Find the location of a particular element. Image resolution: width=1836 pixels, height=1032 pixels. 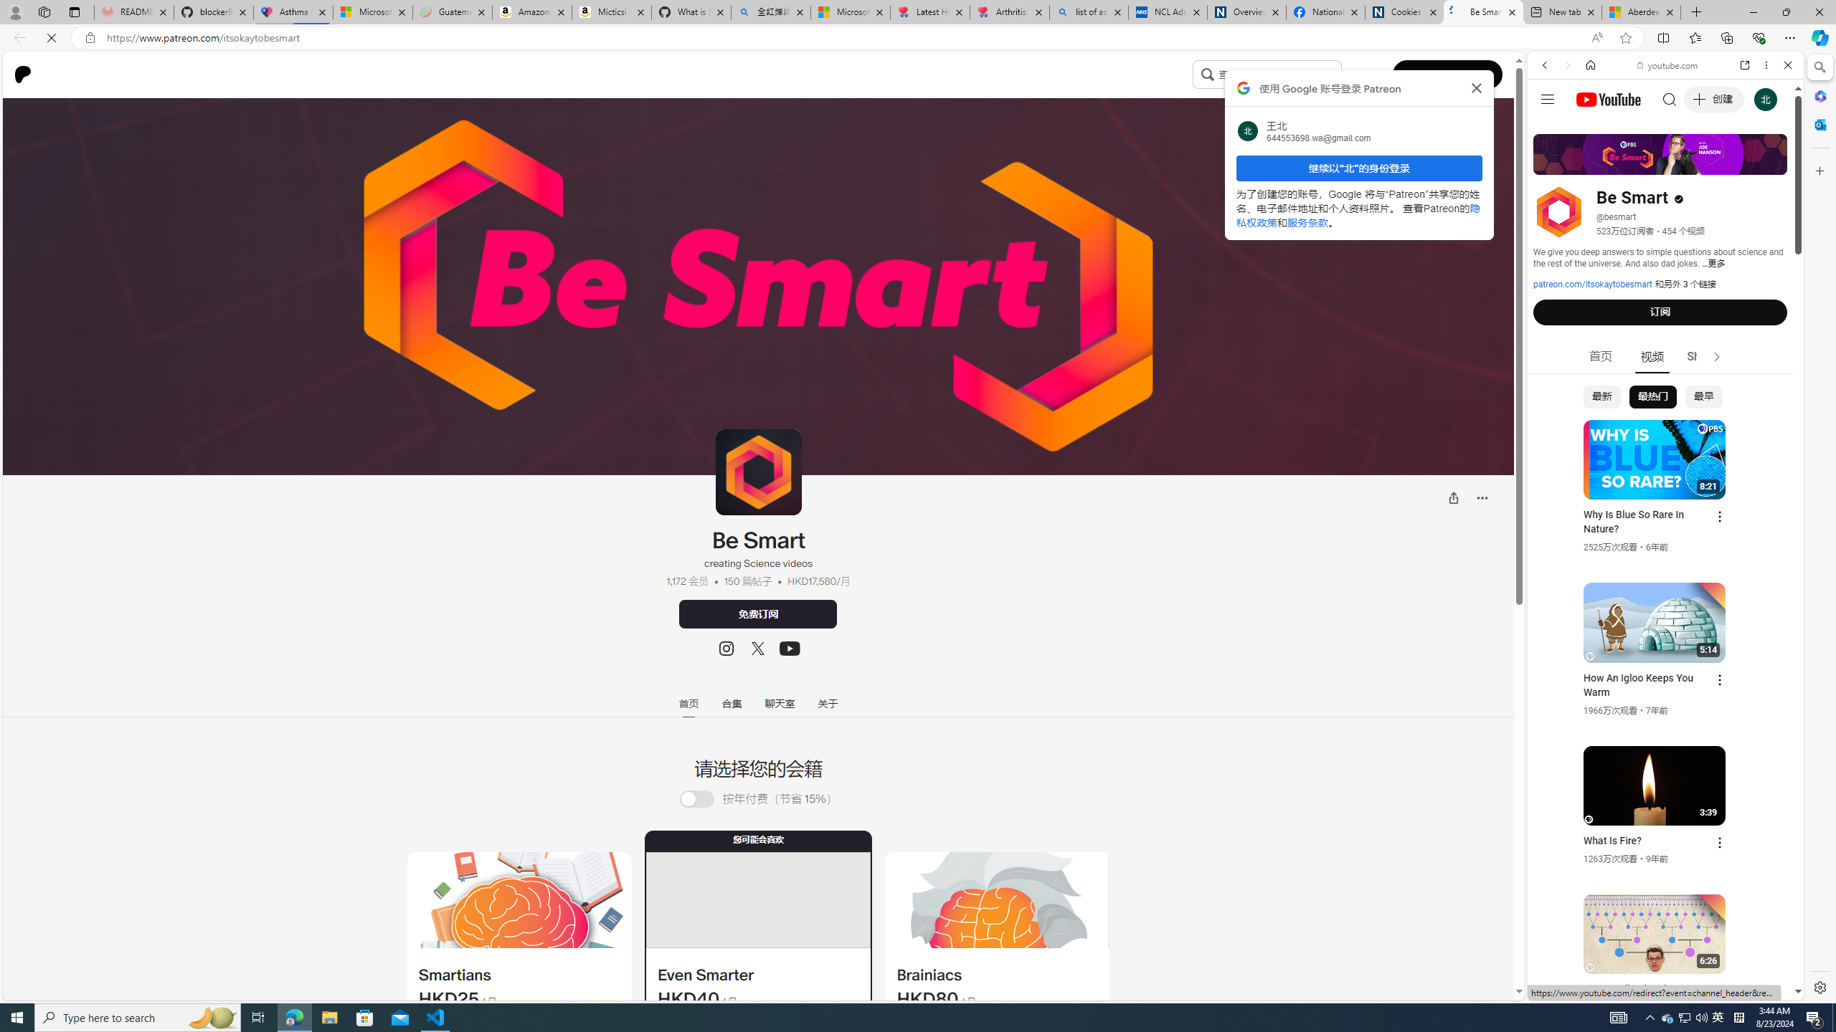

'YouTube - YouTube' is located at coordinates (1660, 706).